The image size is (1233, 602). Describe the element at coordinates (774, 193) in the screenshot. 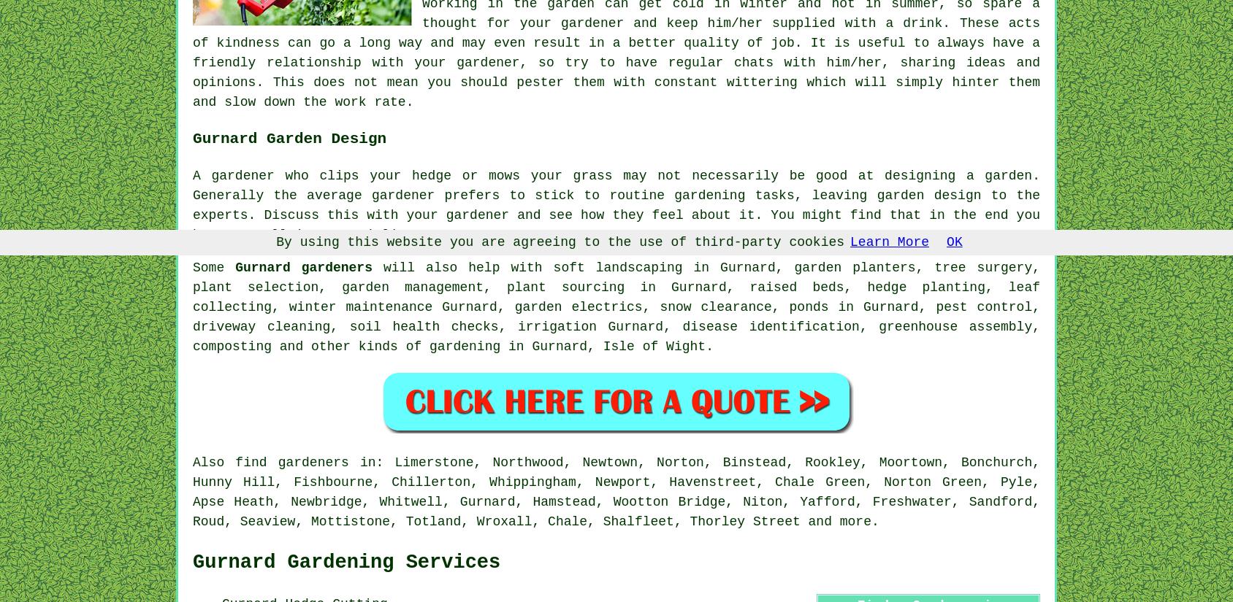

I see `'tasks'` at that location.